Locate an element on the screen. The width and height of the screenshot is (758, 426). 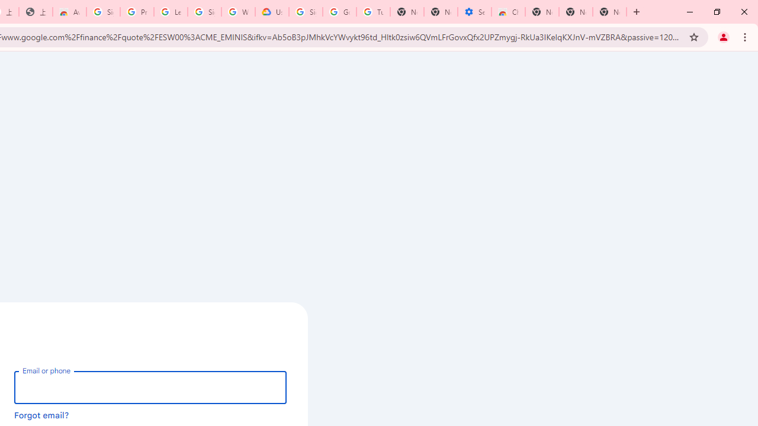
'Turn cookies on or off - Computer - Google Account Help' is located at coordinates (372, 12).